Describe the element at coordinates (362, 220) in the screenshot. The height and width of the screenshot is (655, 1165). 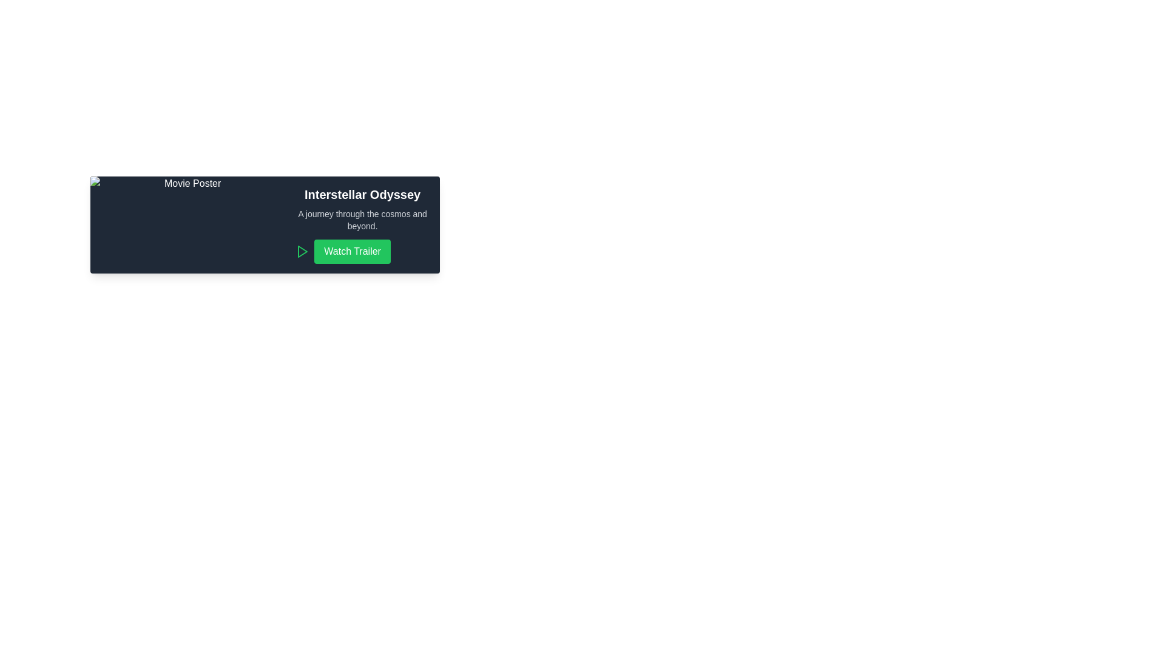
I see `the summary text element located beneath the title 'Interstellar Odyssey' and above the 'Watch Trailer' button to provide users with quick insight into the theme or subject matter` at that location.